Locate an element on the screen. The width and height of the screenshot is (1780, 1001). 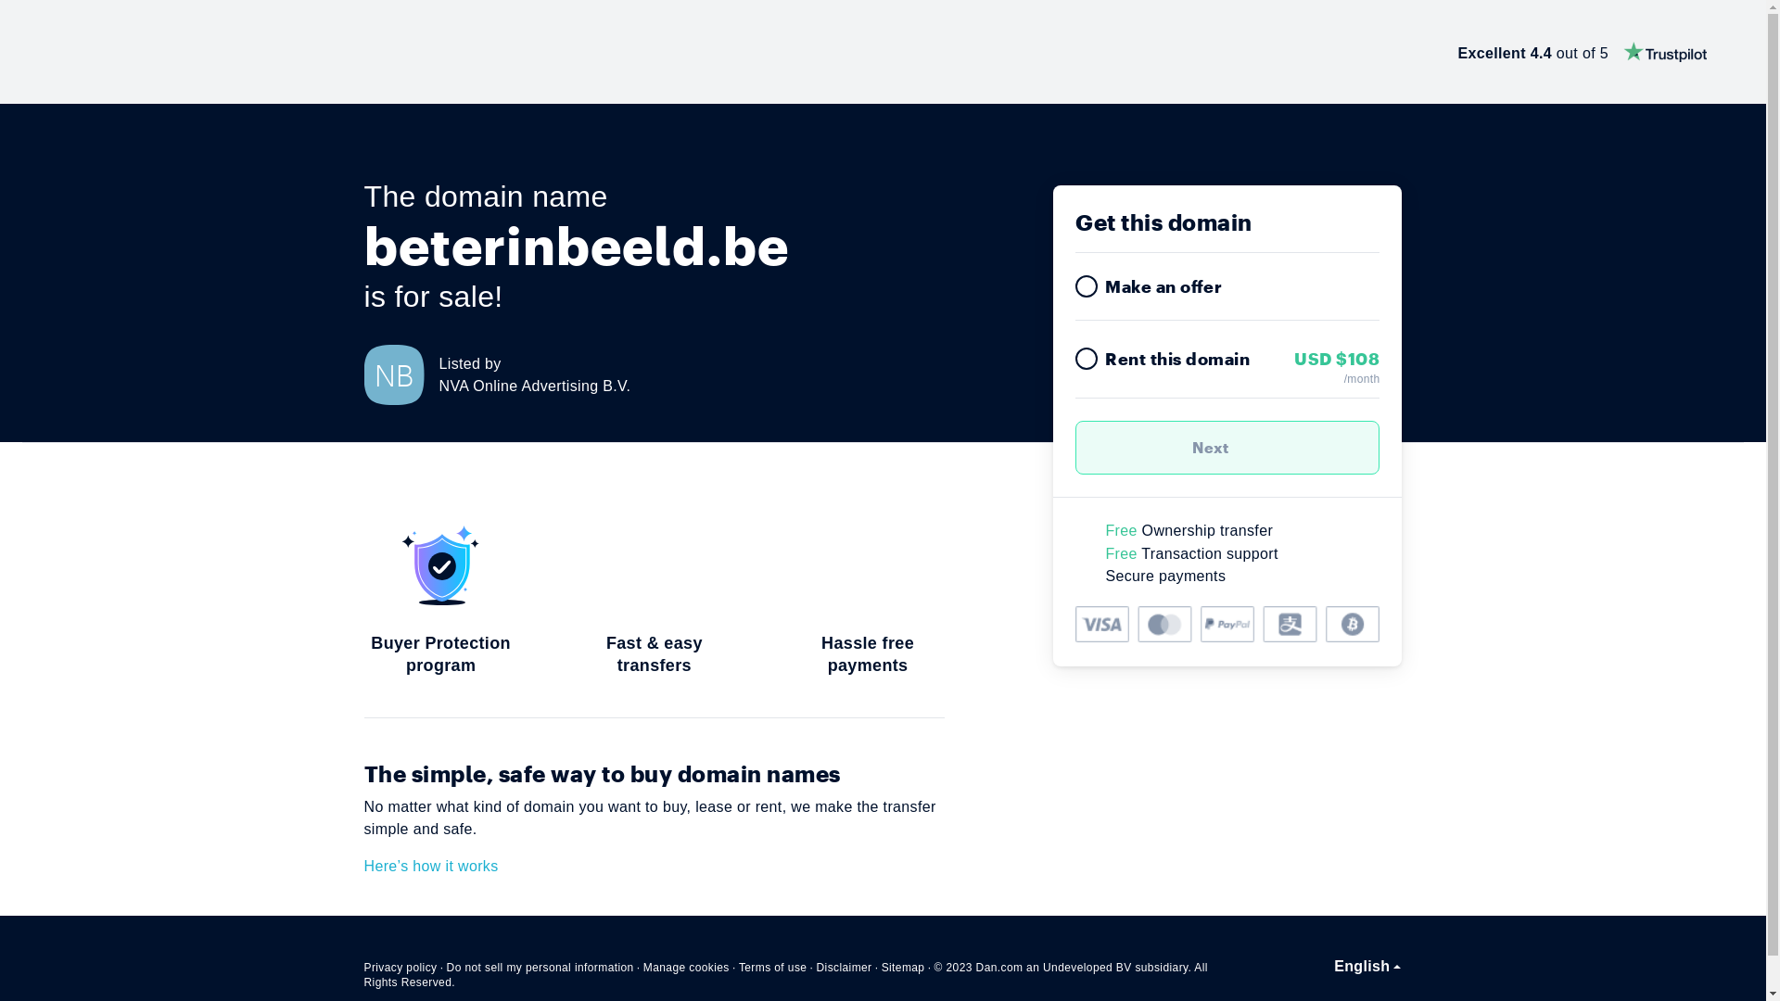
'Do not sell my personal information' is located at coordinates (539, 967).